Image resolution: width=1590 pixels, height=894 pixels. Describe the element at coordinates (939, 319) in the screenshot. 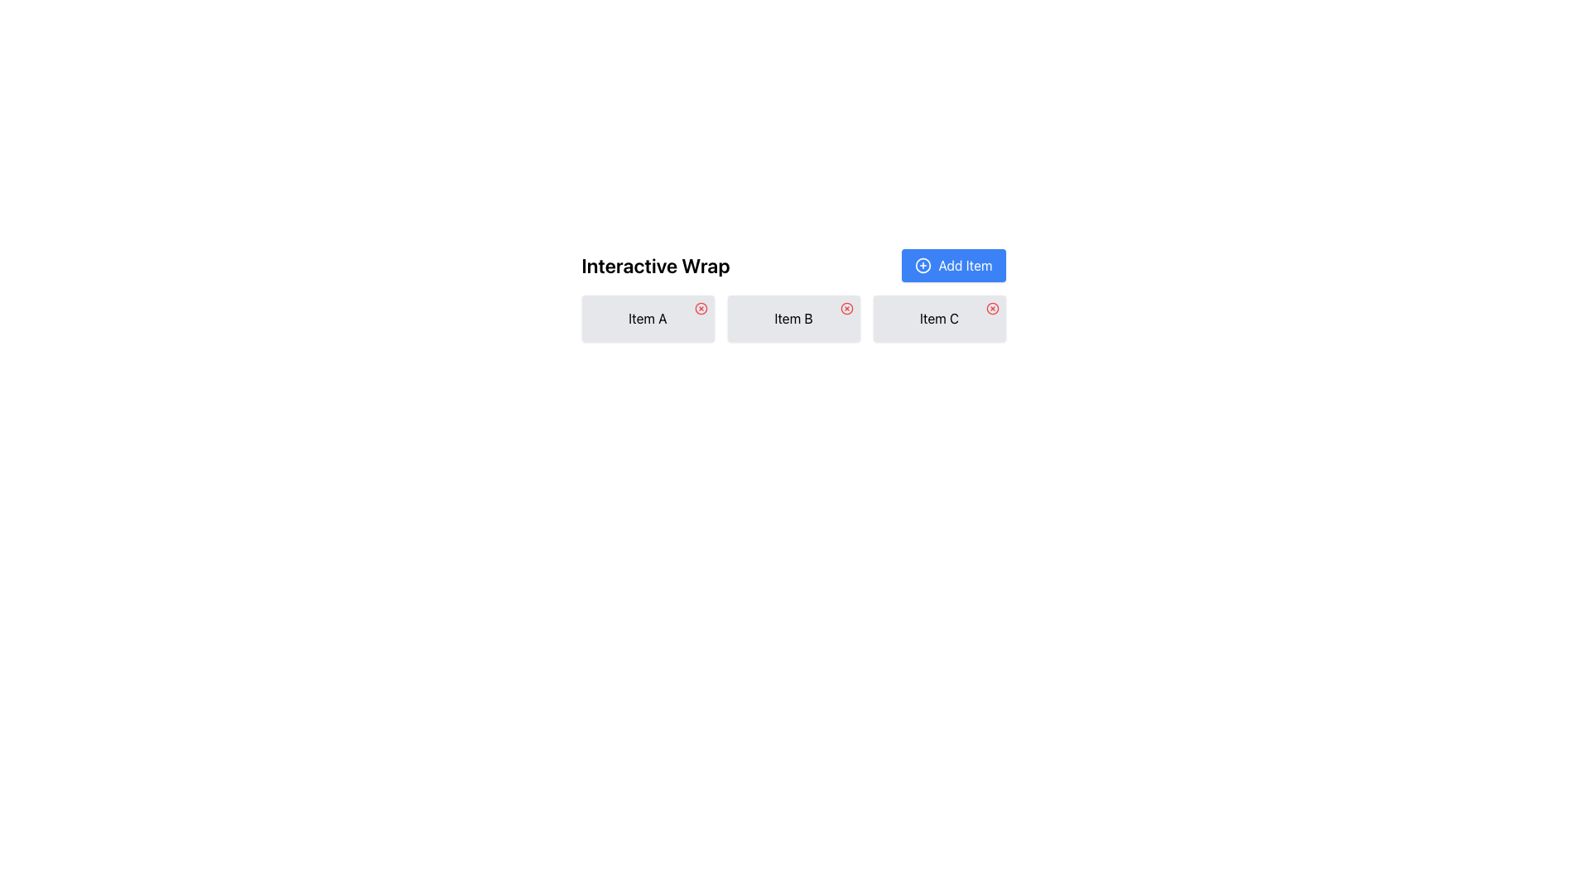

I see `the text label displaying 'Item C'` at that location.